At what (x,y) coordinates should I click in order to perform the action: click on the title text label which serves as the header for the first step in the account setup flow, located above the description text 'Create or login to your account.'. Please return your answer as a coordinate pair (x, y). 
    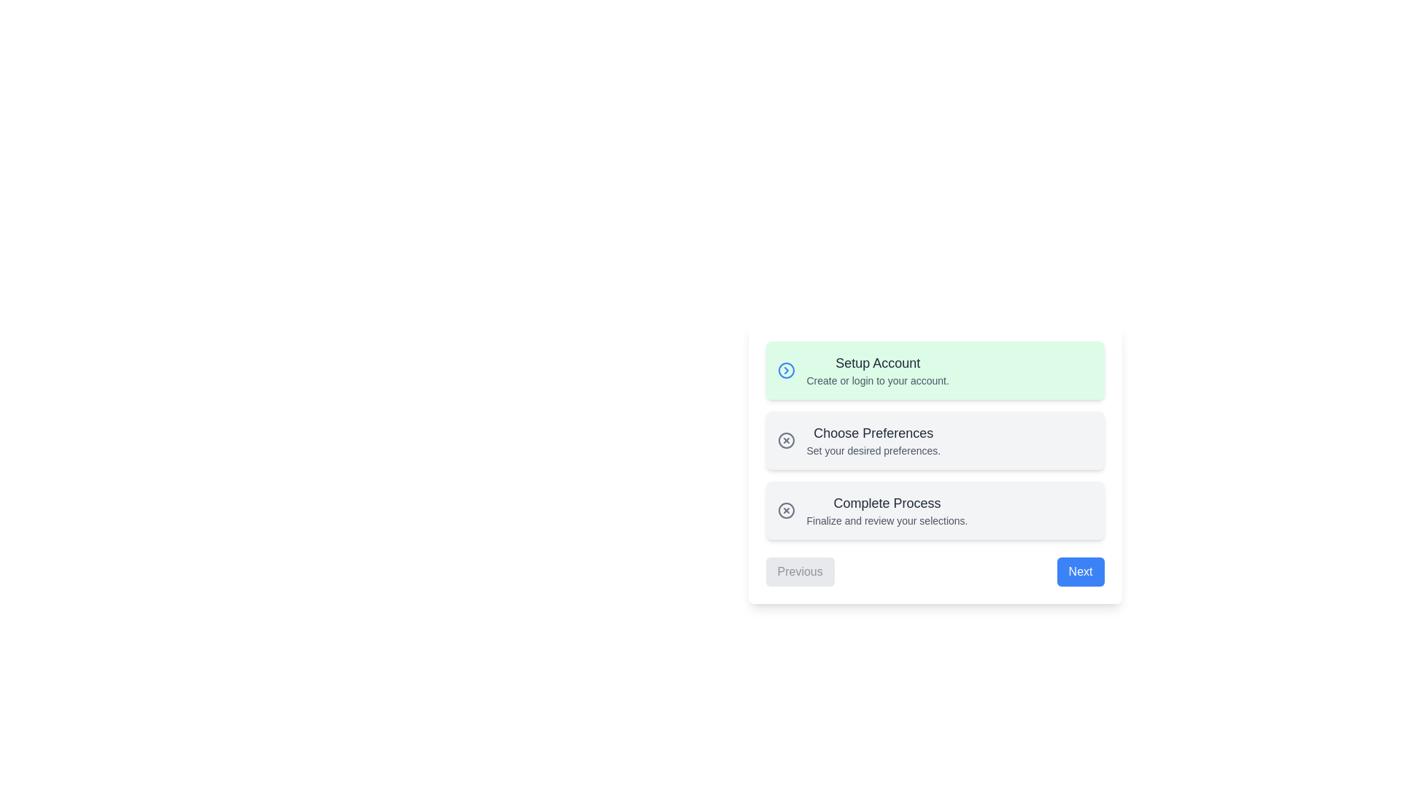
    Looking at the image, I should click on (877, 362).